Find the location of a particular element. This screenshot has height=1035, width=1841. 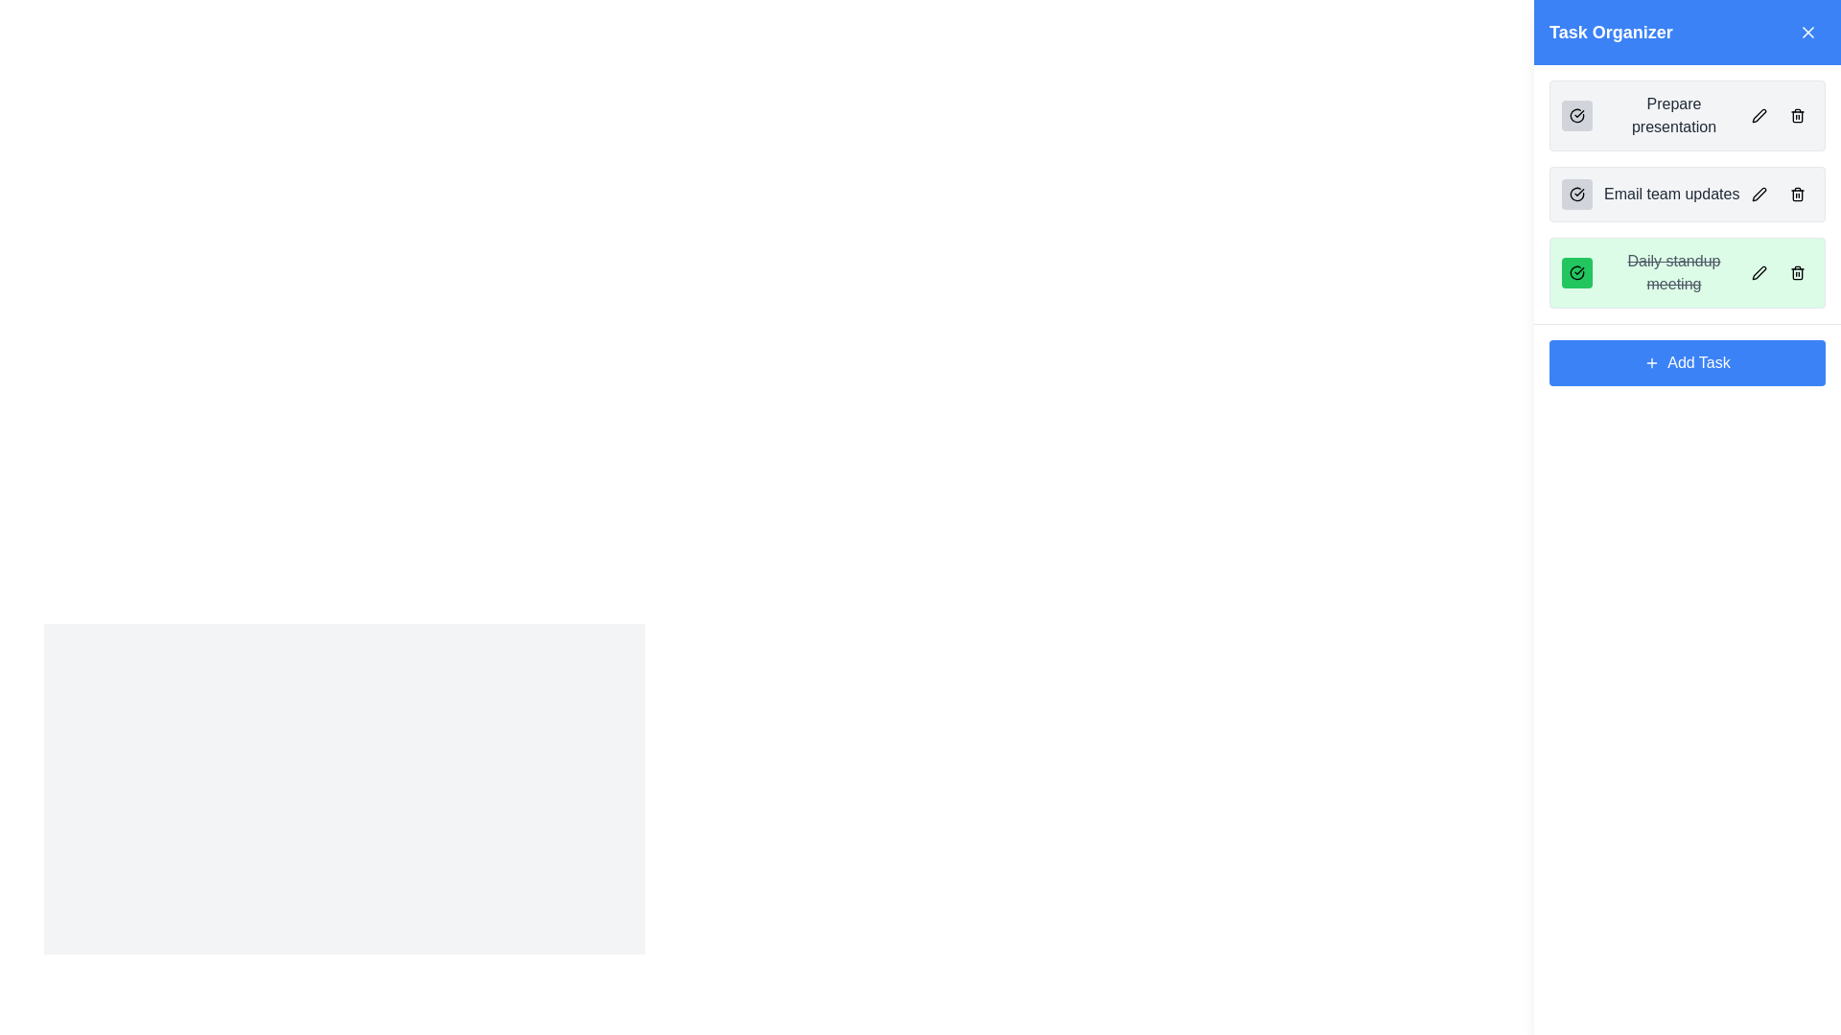

the circular checkmark icon associated with the 'Email team updates' task in the 'Task Organizer' panel is located at coordinates (1577, 195).